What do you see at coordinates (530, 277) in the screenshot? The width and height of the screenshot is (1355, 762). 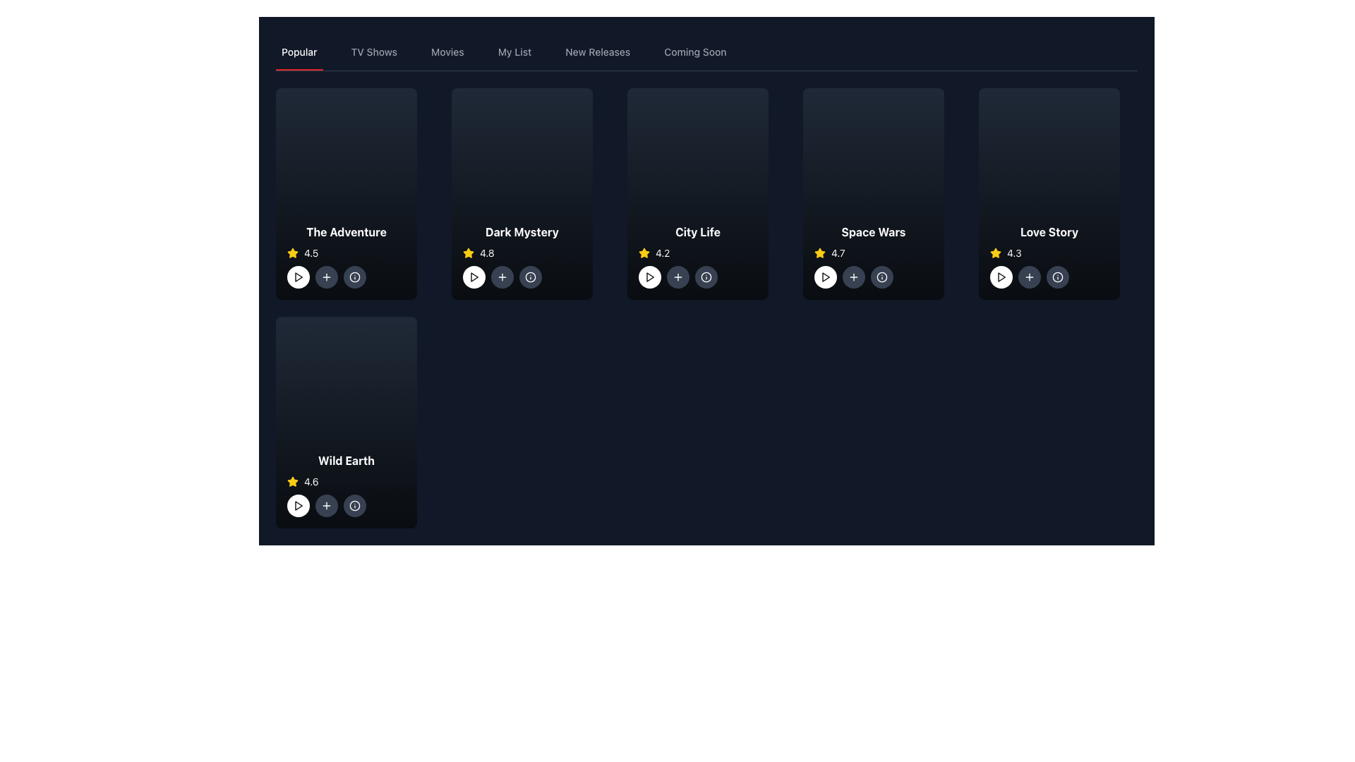 I see `the circular gray button with an info icon labeled 'i' located in the horizontal action bar under the 'Dark Mystery' card` at bounding box center [530, 277].